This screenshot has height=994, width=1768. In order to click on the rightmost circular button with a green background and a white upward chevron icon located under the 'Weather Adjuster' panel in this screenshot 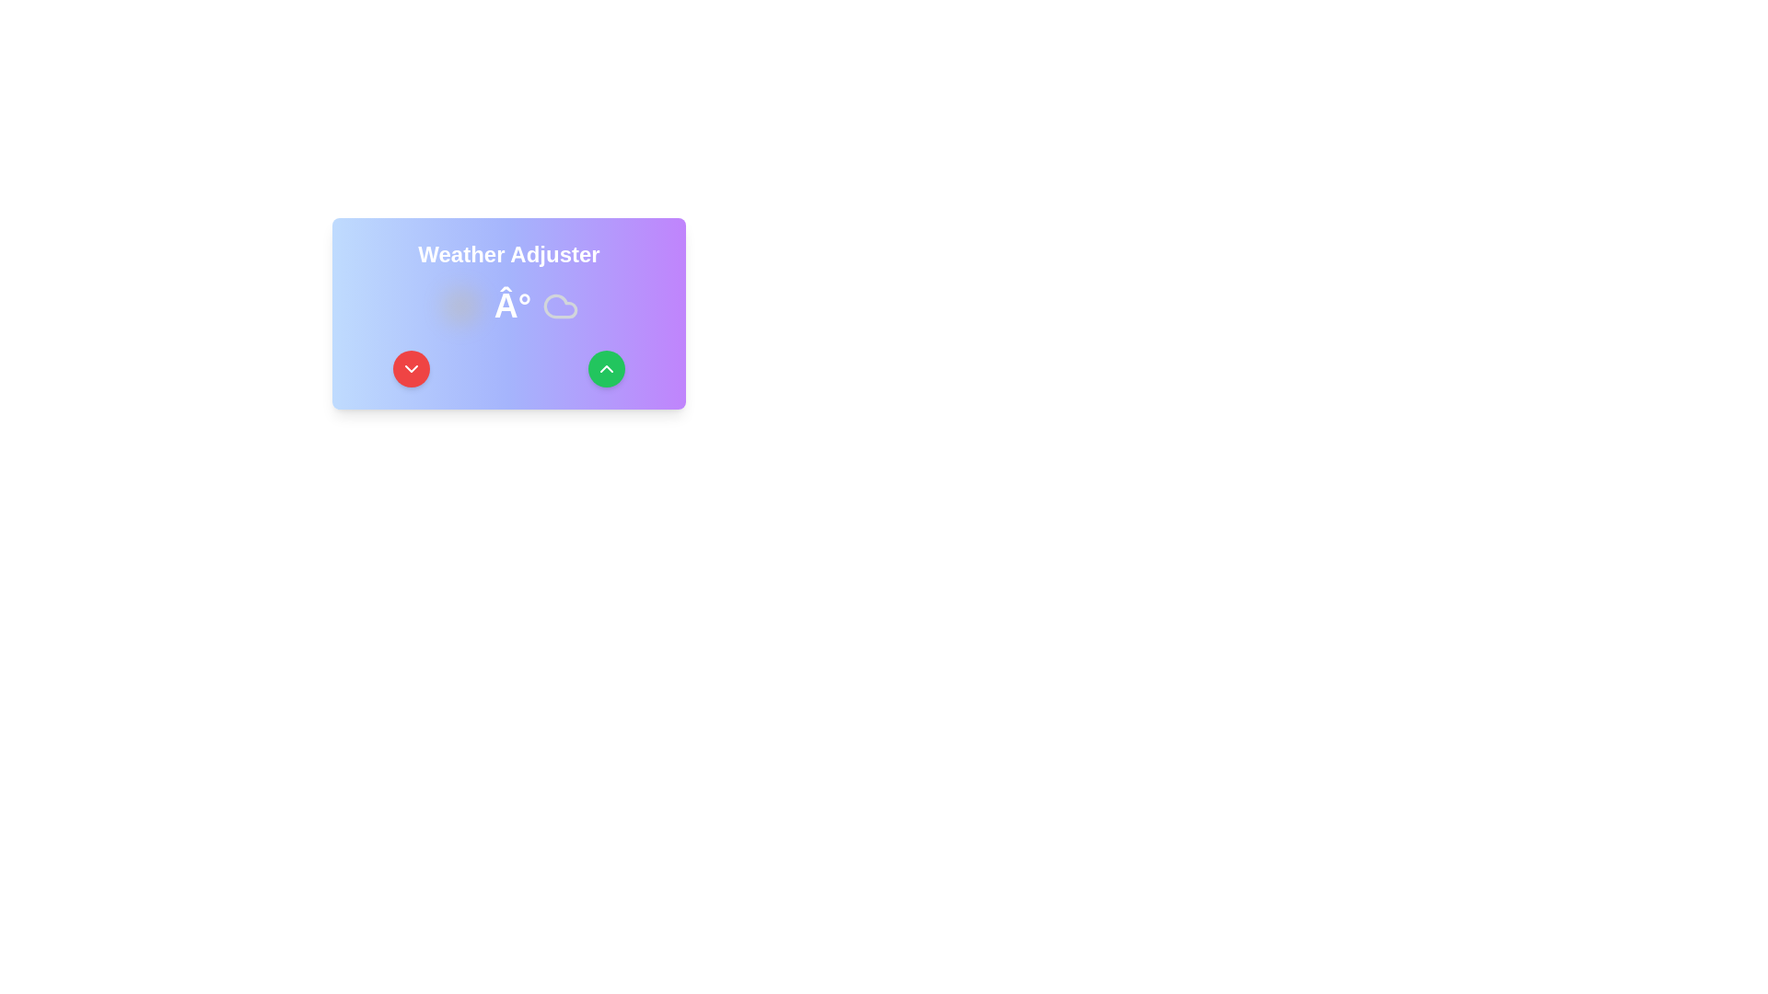, I will do `click(606, 369)`.